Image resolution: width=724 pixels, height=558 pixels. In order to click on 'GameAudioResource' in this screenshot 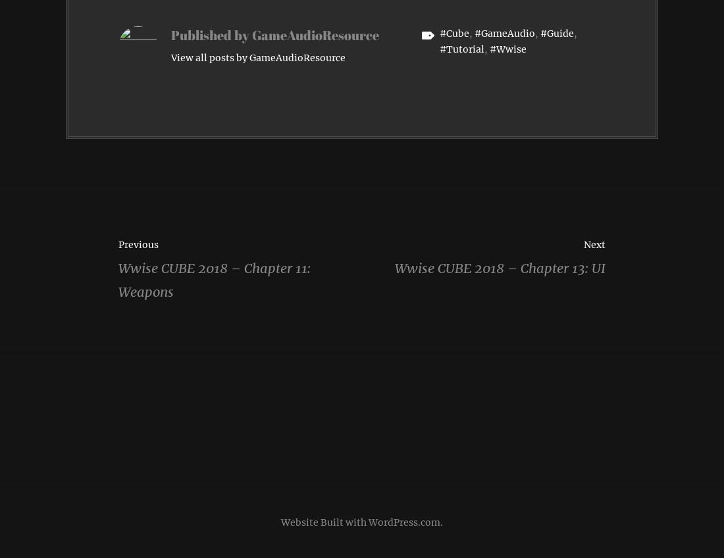, I will do `click(315, 34)`.